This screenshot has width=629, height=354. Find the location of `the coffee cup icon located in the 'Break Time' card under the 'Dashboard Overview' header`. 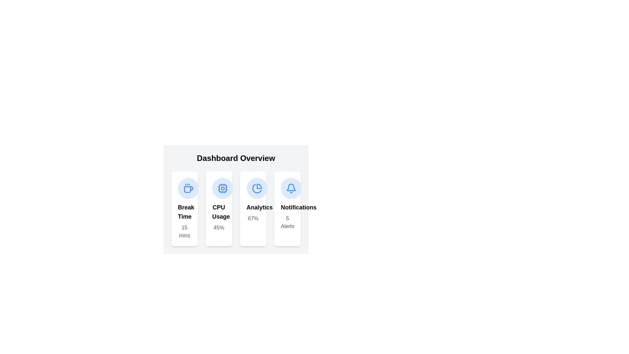

the coffee cup icon located in the 'Break Time' card under the 'Dashboard Overview' header is located at coordinates (188, 188).